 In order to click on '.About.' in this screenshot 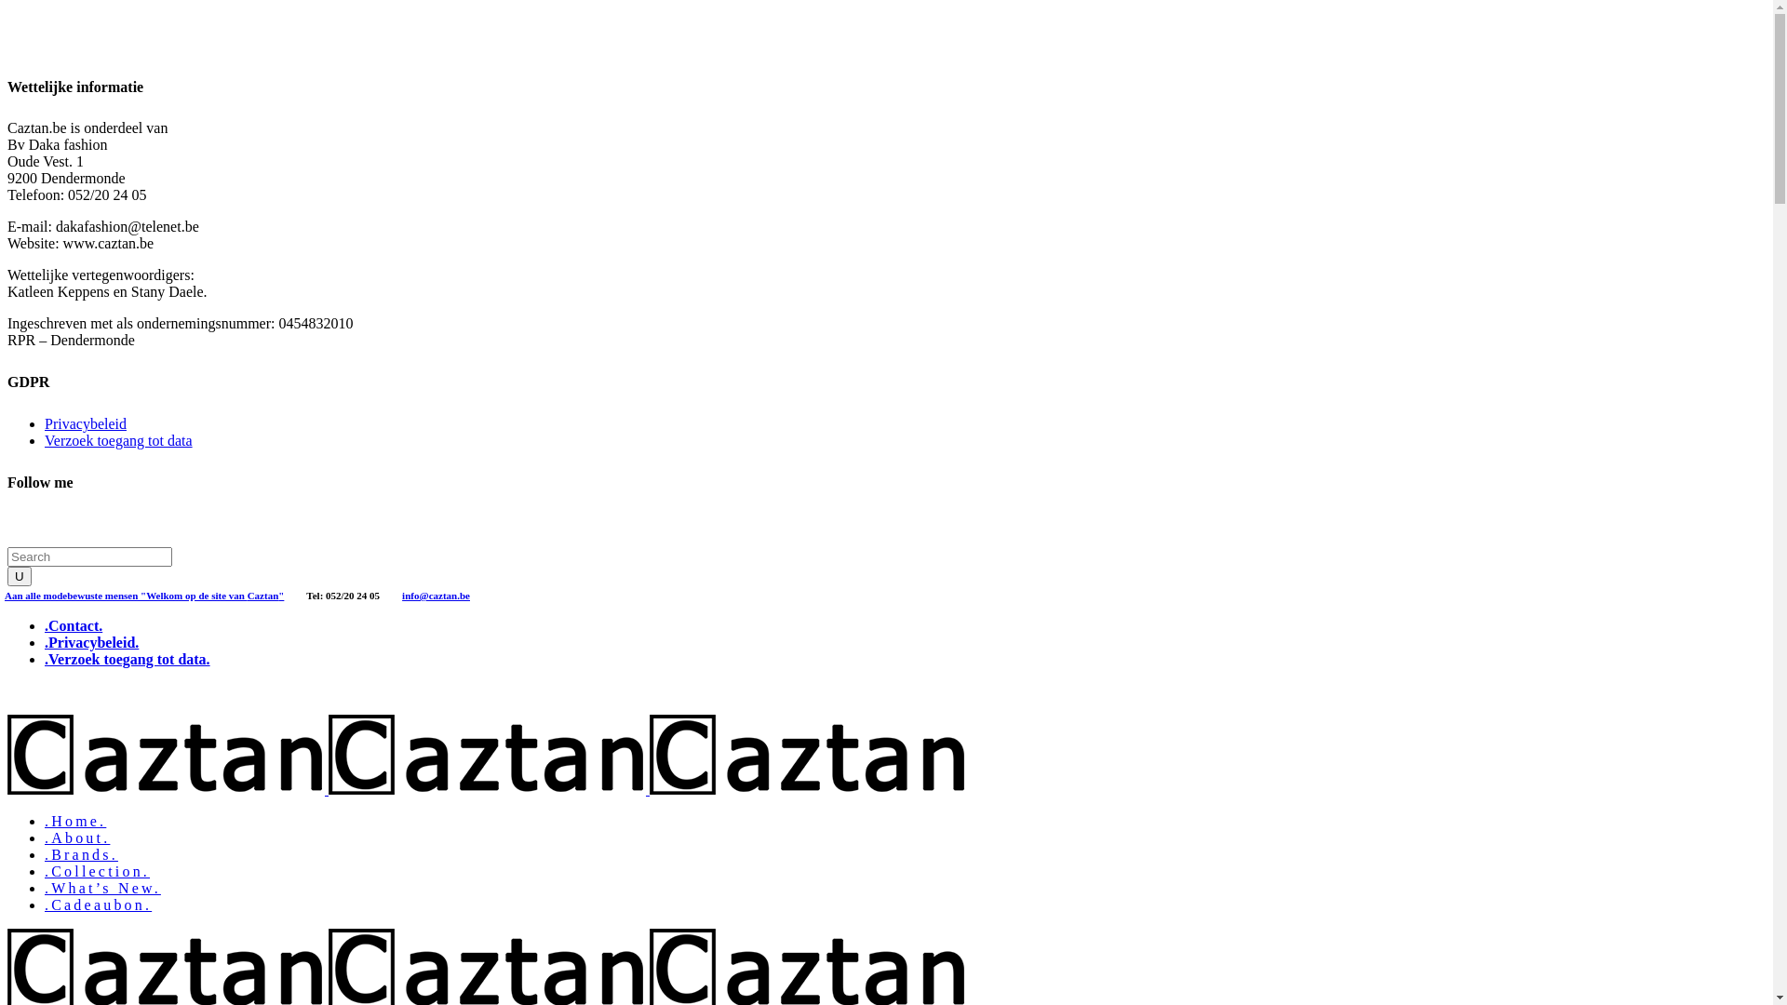, I will do `click(75, 837)`.